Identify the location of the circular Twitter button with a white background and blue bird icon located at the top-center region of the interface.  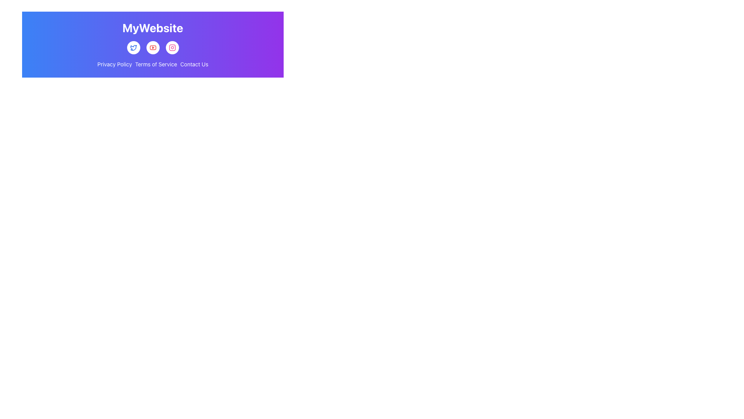
(133, 48).